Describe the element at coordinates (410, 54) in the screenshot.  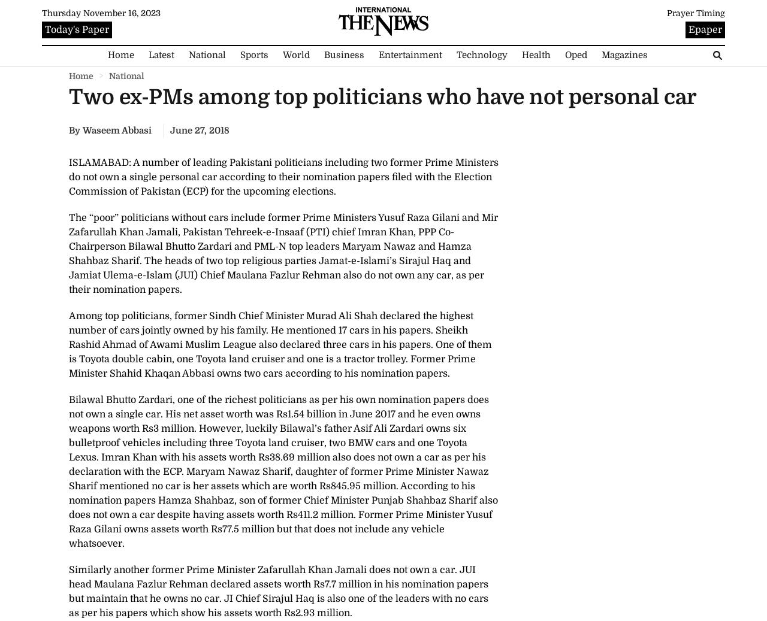
I see `'Entertainment'` at that location.